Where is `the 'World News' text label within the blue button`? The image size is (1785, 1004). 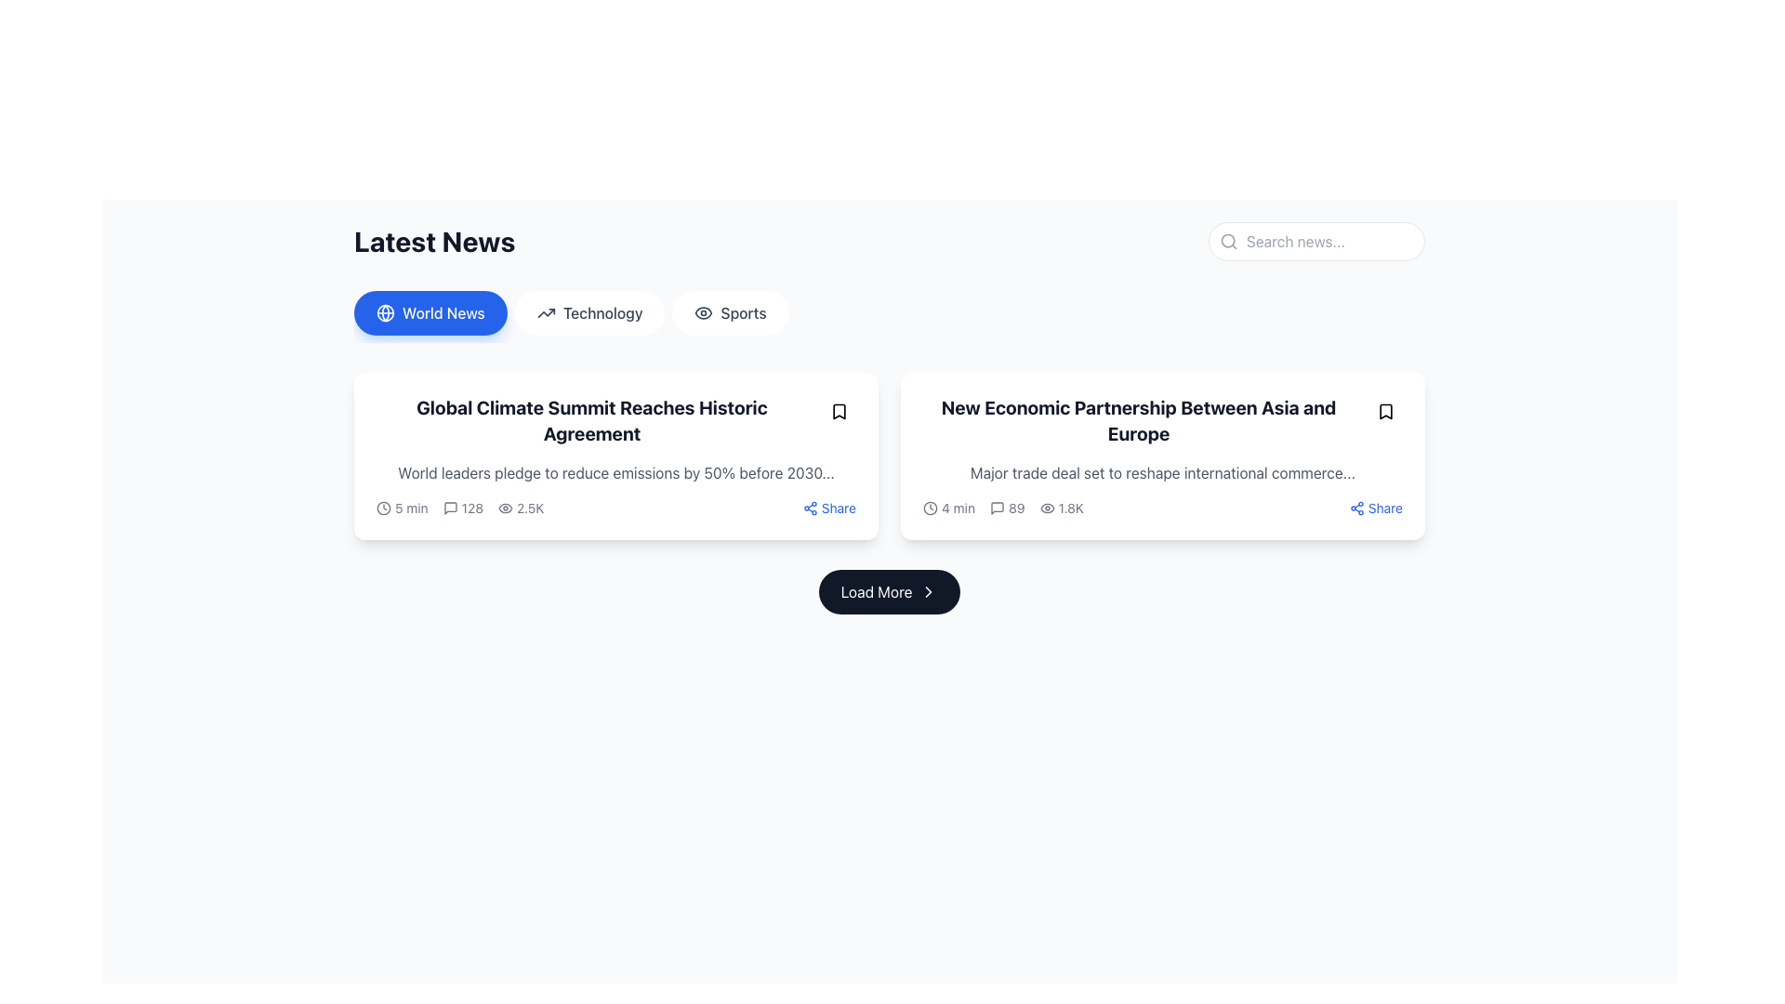
the 'World News' text label within the blue button is located at coordinates (443, 311).